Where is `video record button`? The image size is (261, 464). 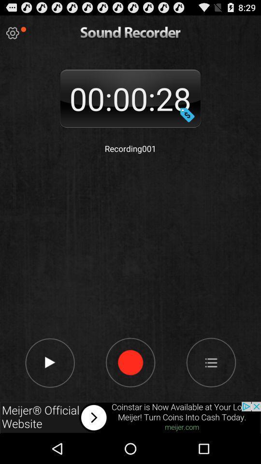 video record button is located at coordinates (130, 362).